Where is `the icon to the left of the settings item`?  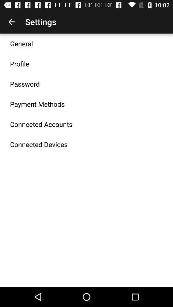 the icon to the left of the settings item is located at coordinates (12, 22).